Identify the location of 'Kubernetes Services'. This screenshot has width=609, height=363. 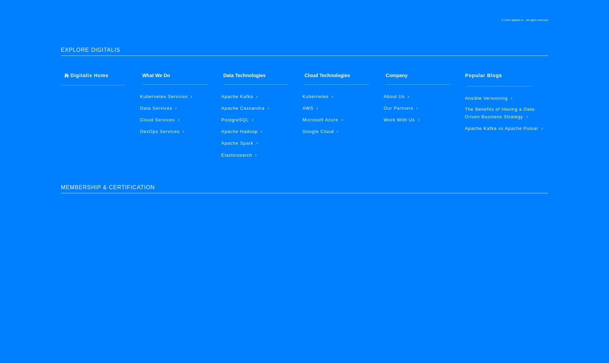
(163, 96).